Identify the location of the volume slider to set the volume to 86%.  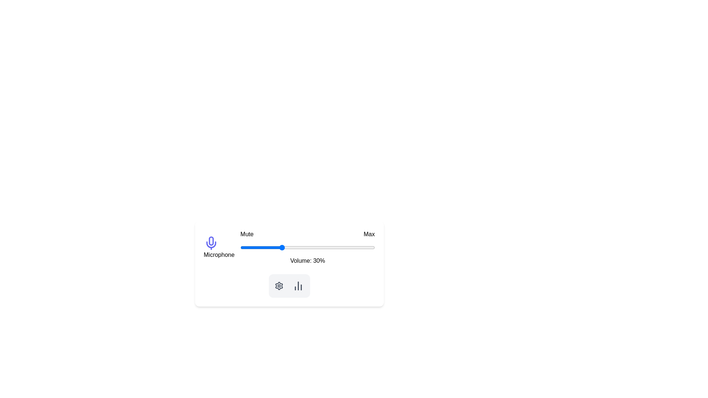
(356, 247).